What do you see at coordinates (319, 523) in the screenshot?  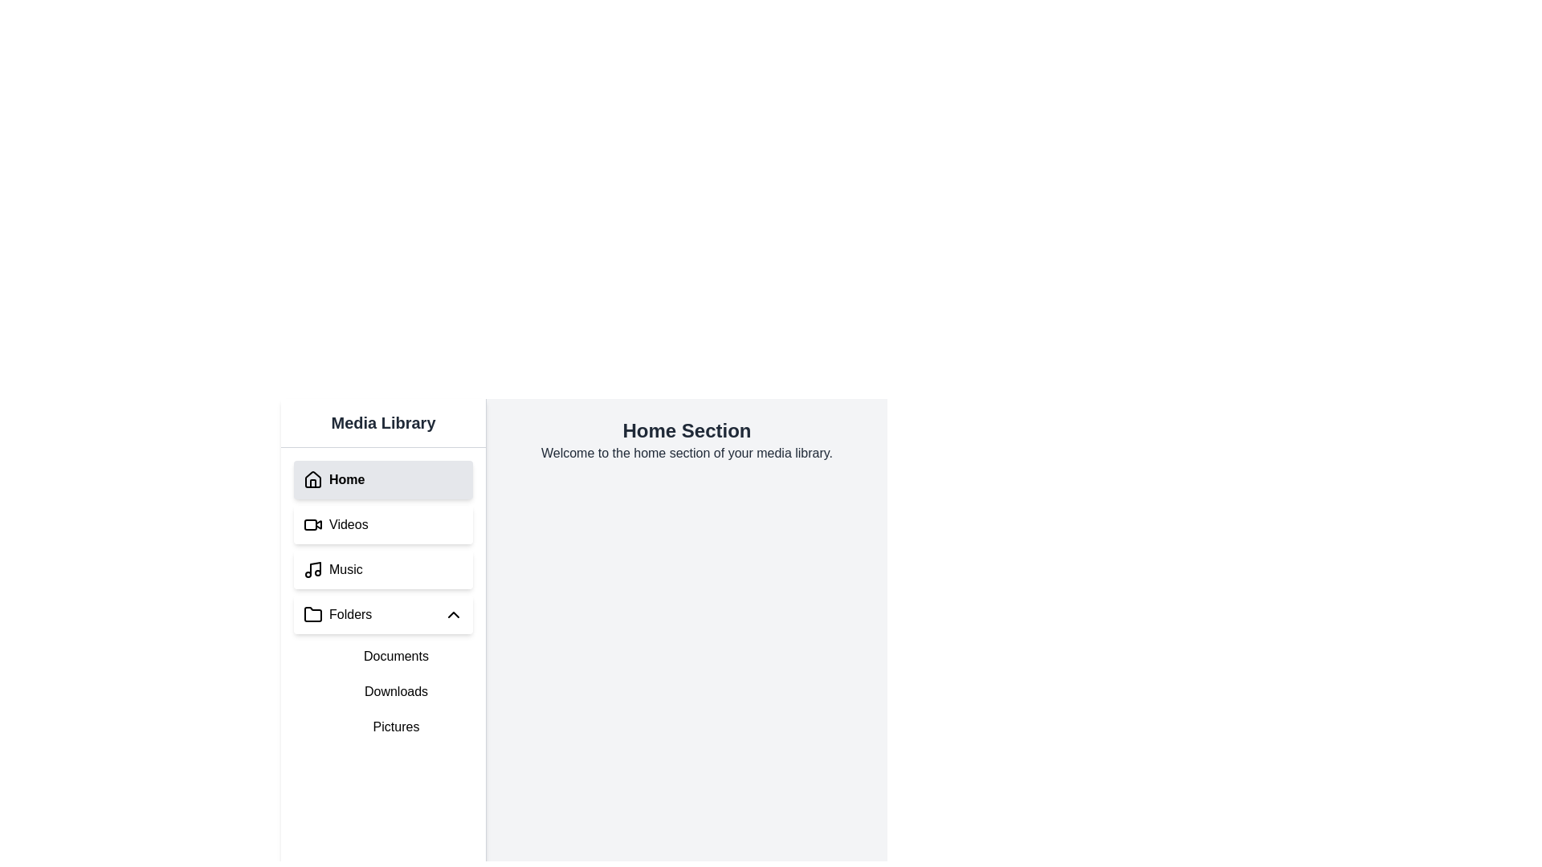 I see `the video section icon in the vertical navigation menu located at the top-left side of the interface` at bounding box center [319, 523].